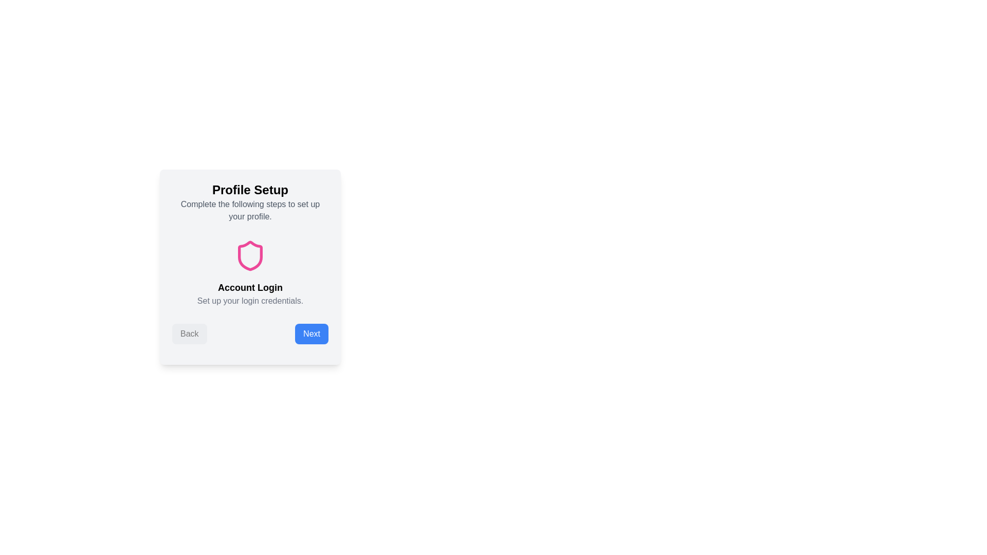 Image resolution: width=987 pixels, height=555 pixels. Describe the element at coordinates (189, 334) in the screenshot. I see `'Back' button to navigate to the previous step` at that location.